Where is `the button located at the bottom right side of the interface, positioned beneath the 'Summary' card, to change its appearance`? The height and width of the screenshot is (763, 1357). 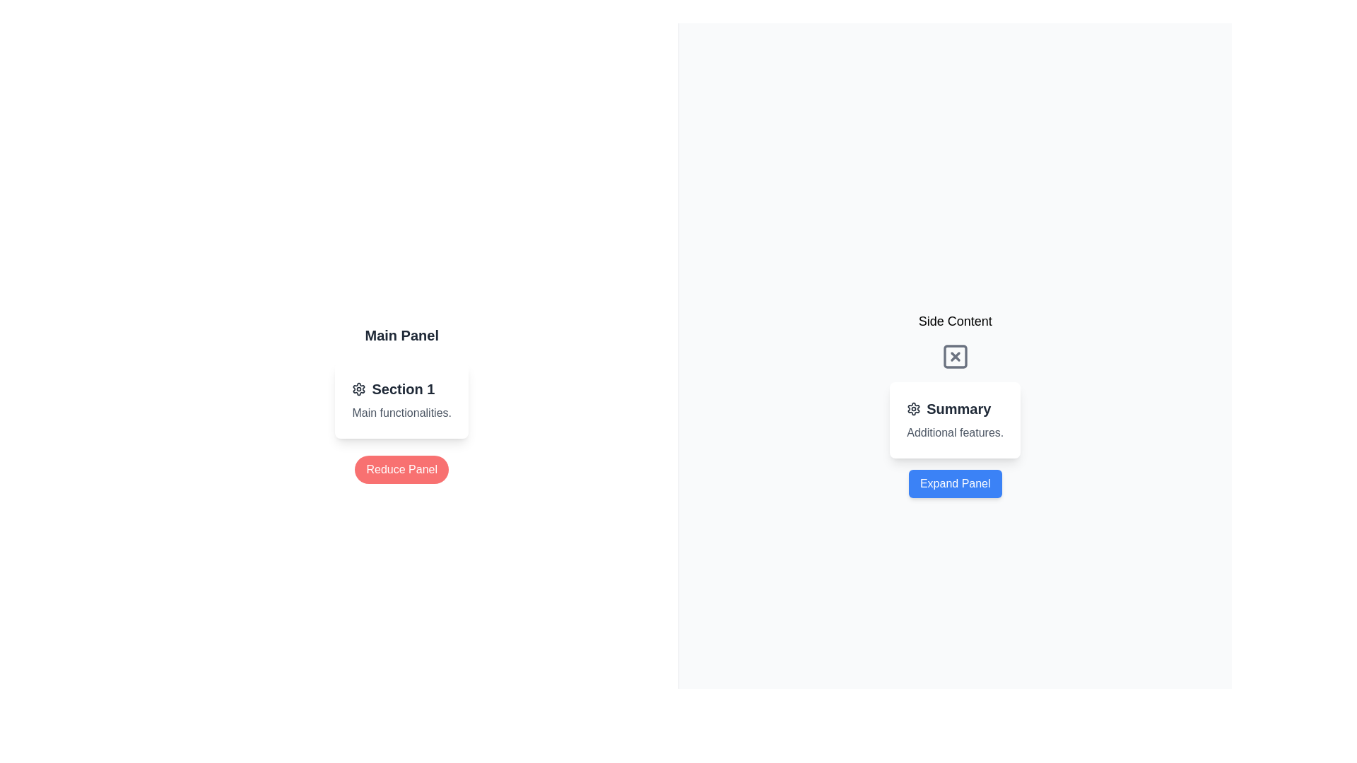 the button located at the bottom right side of the interface, positioned beneath the 'Summary' card, to change its appearance is located at coordinates (955, 483).